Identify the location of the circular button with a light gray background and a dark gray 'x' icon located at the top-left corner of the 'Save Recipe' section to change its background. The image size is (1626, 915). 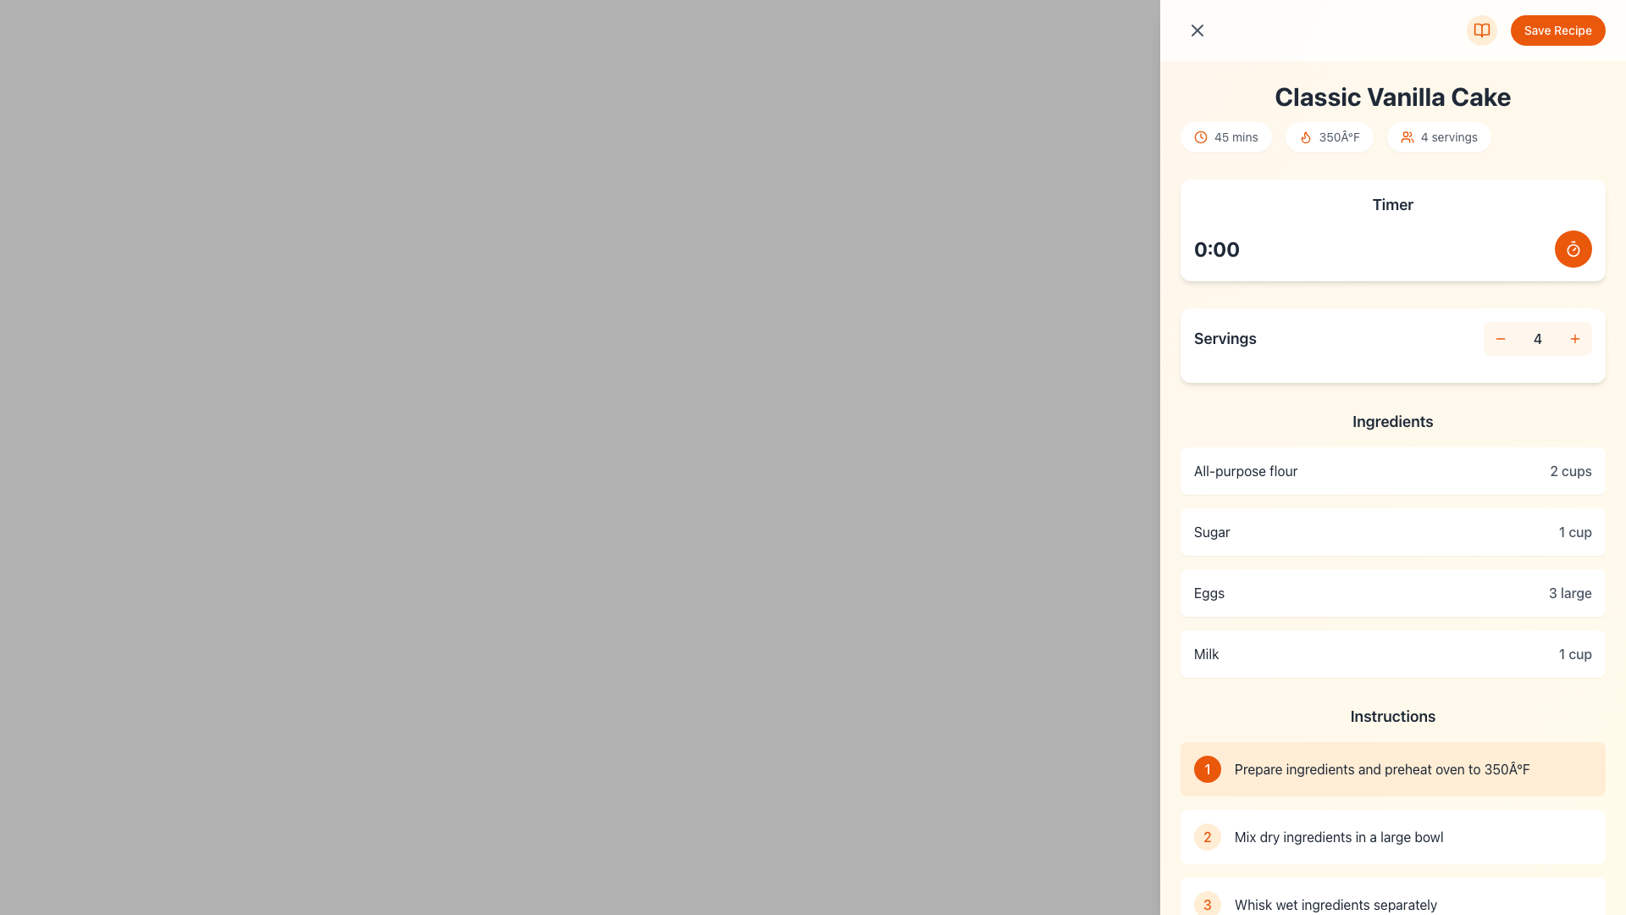
(1197, 30).